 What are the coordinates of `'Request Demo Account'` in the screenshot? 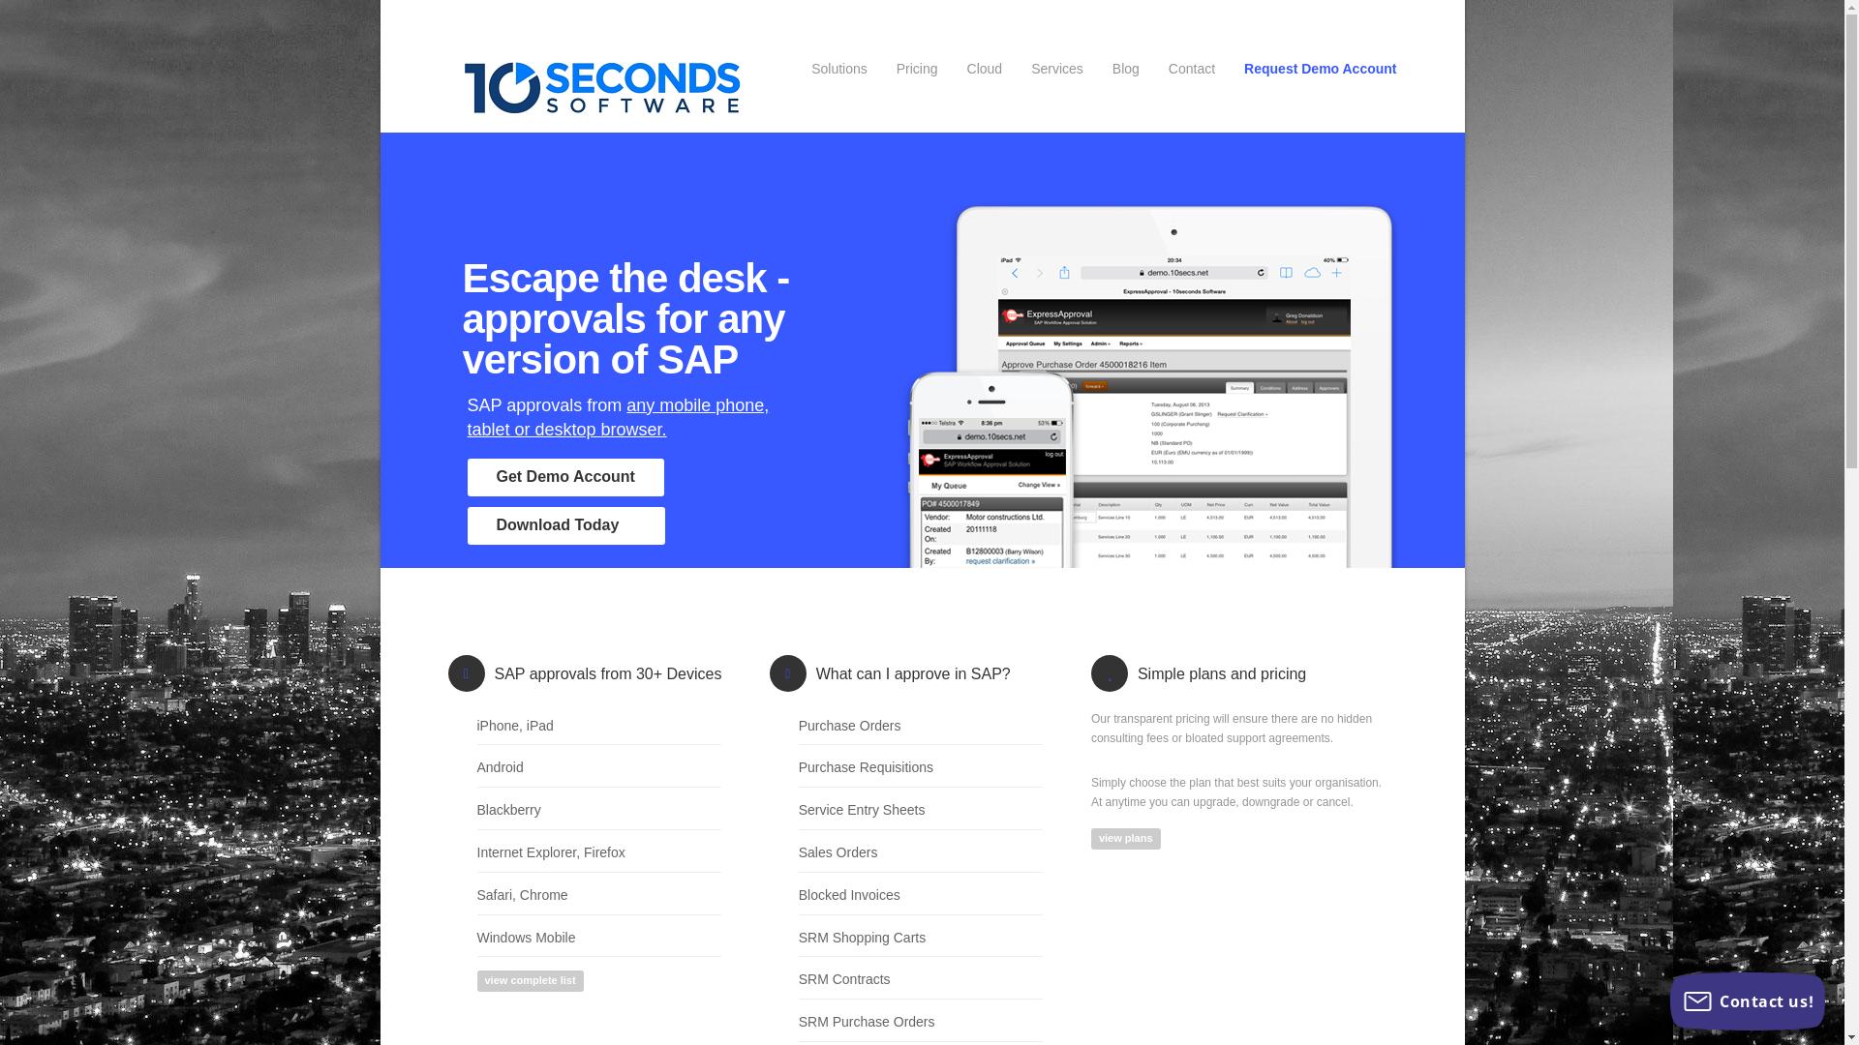 It's located at (1244, 71).